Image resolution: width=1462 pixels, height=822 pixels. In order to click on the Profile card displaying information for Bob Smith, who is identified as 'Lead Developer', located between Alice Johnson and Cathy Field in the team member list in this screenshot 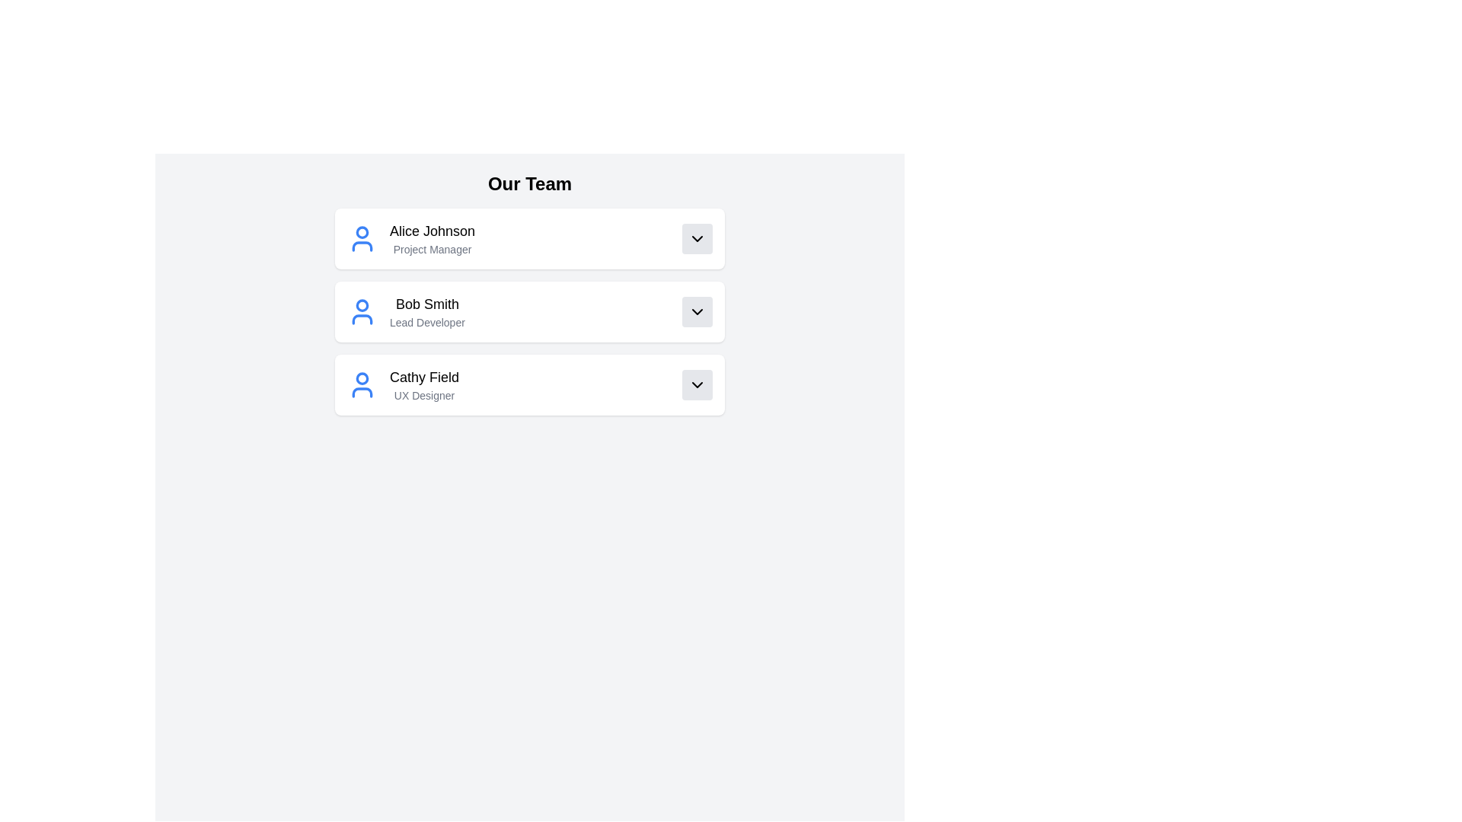, I will do `click(406, 311)`.